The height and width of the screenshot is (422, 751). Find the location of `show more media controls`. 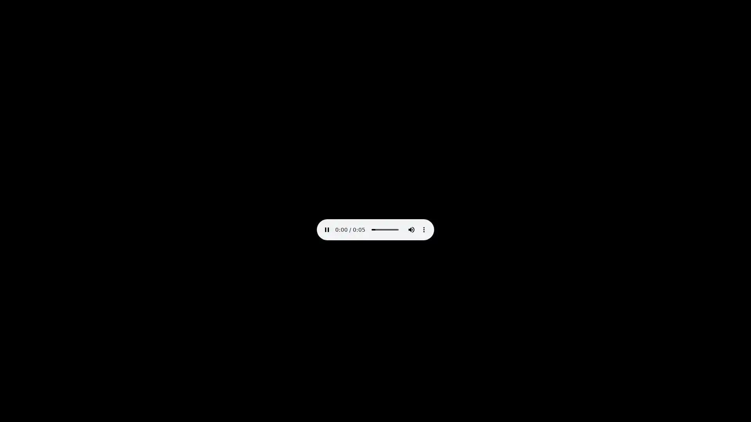

show more media controls is located at coordinates (424, 229).